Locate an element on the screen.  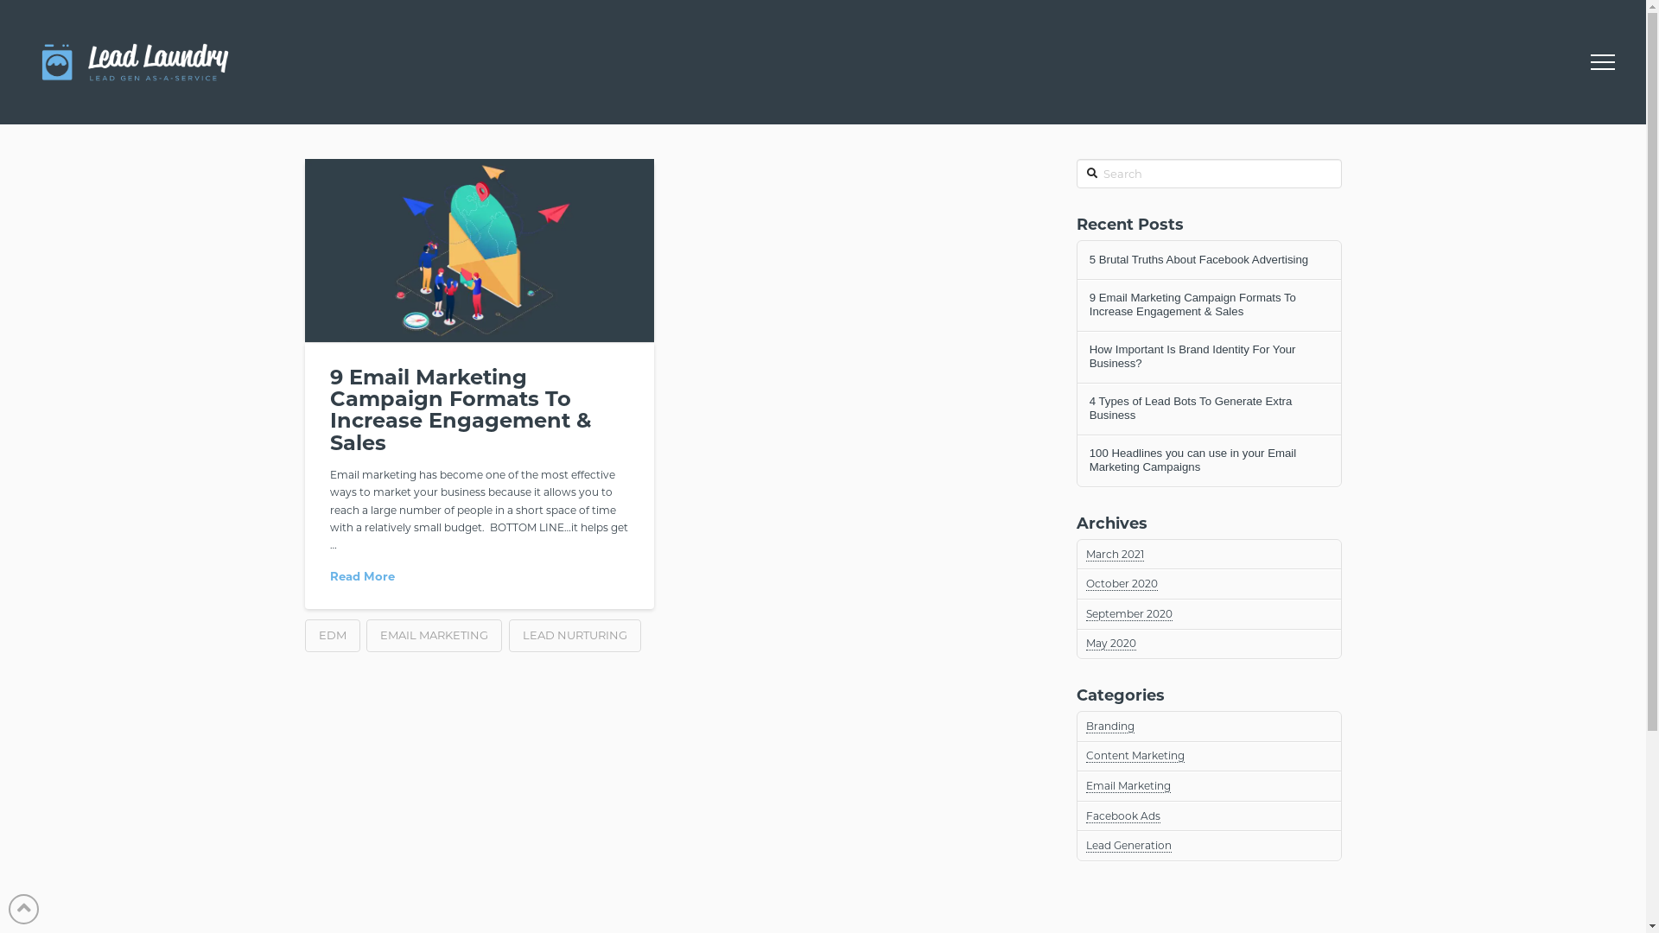
'LEAD NURTURING' is located at coordinates (508, 636).